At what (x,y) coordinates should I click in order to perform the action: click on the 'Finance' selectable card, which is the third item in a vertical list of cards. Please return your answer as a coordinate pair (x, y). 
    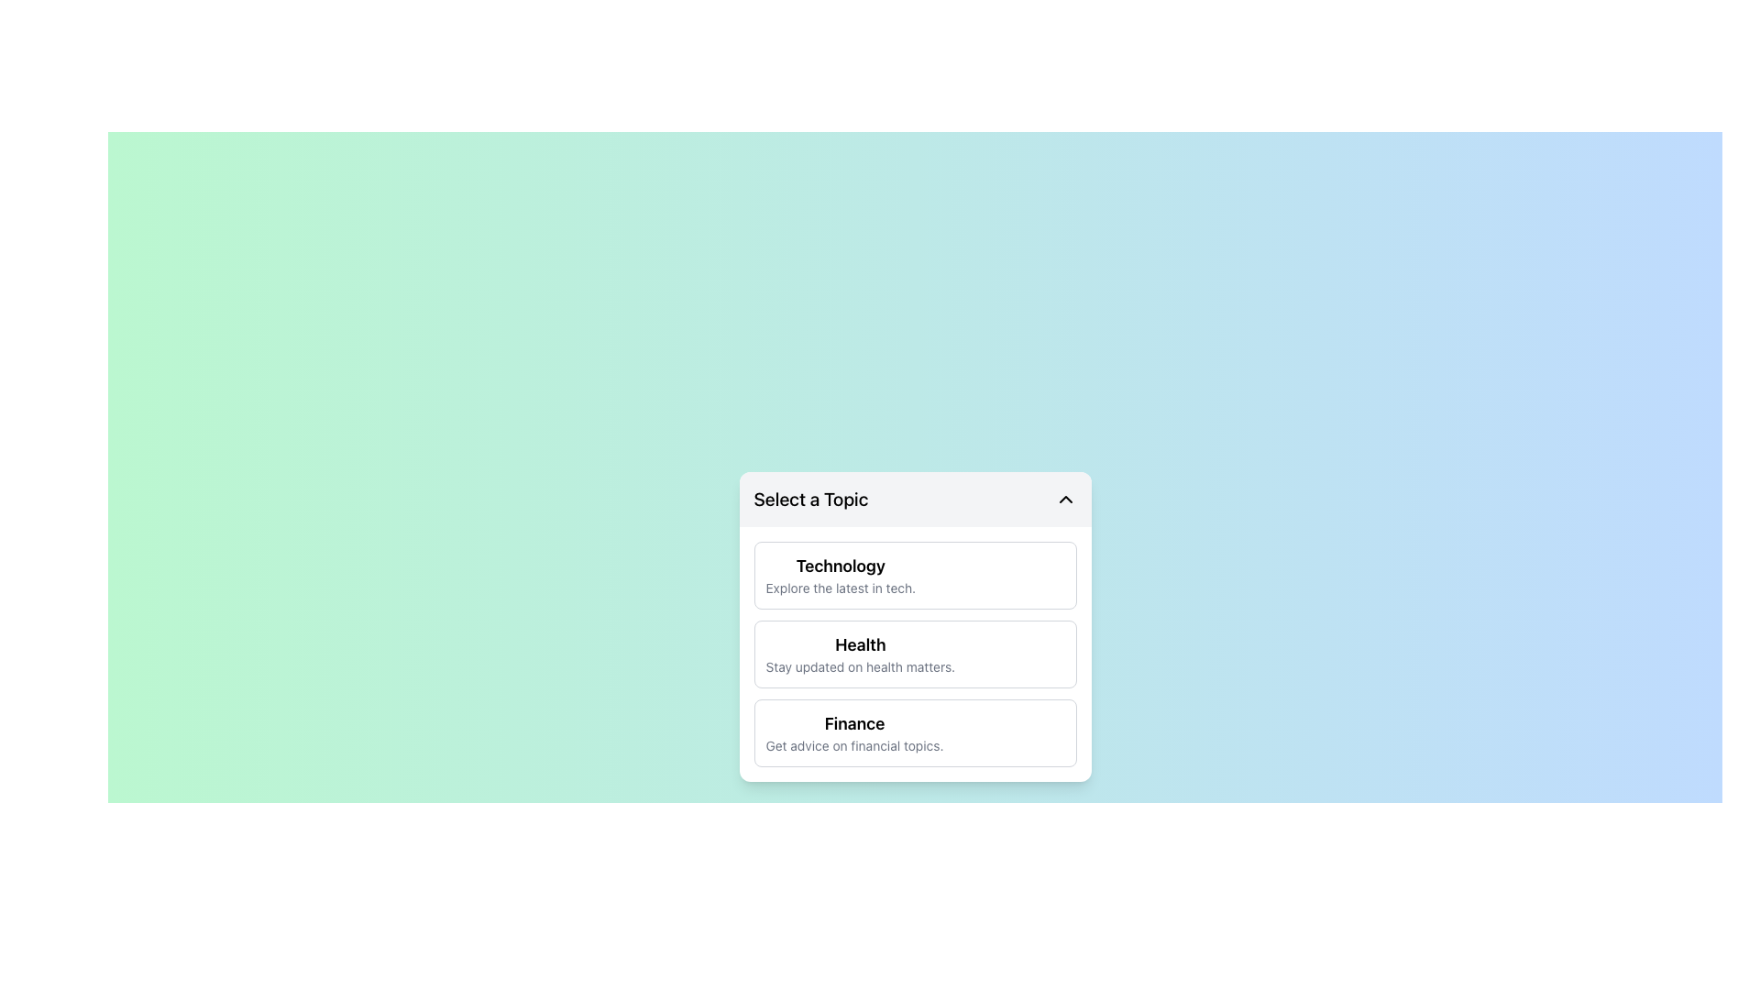
    Looking at the image, I should click on (915, 731).